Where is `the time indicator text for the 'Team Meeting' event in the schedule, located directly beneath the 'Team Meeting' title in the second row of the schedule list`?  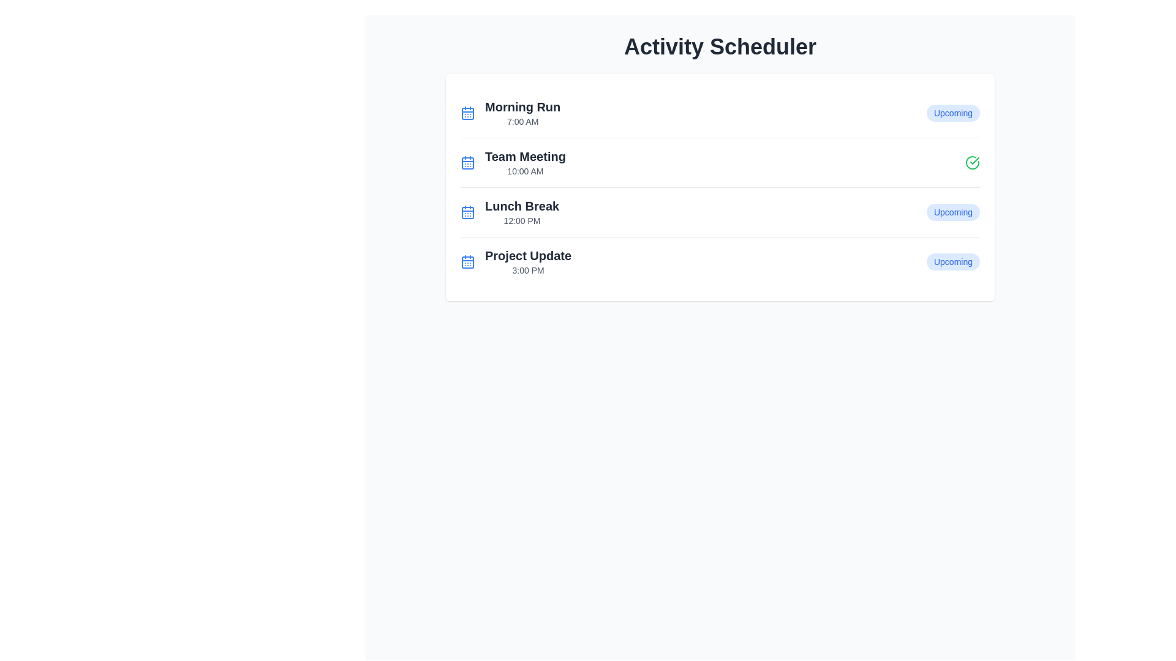 the time indicator text for the 'Team Meeting' event in the schedule, located directly beneath the 'Team Meeting' title in the second row of the schedule list is located at coordinates (525, 171).